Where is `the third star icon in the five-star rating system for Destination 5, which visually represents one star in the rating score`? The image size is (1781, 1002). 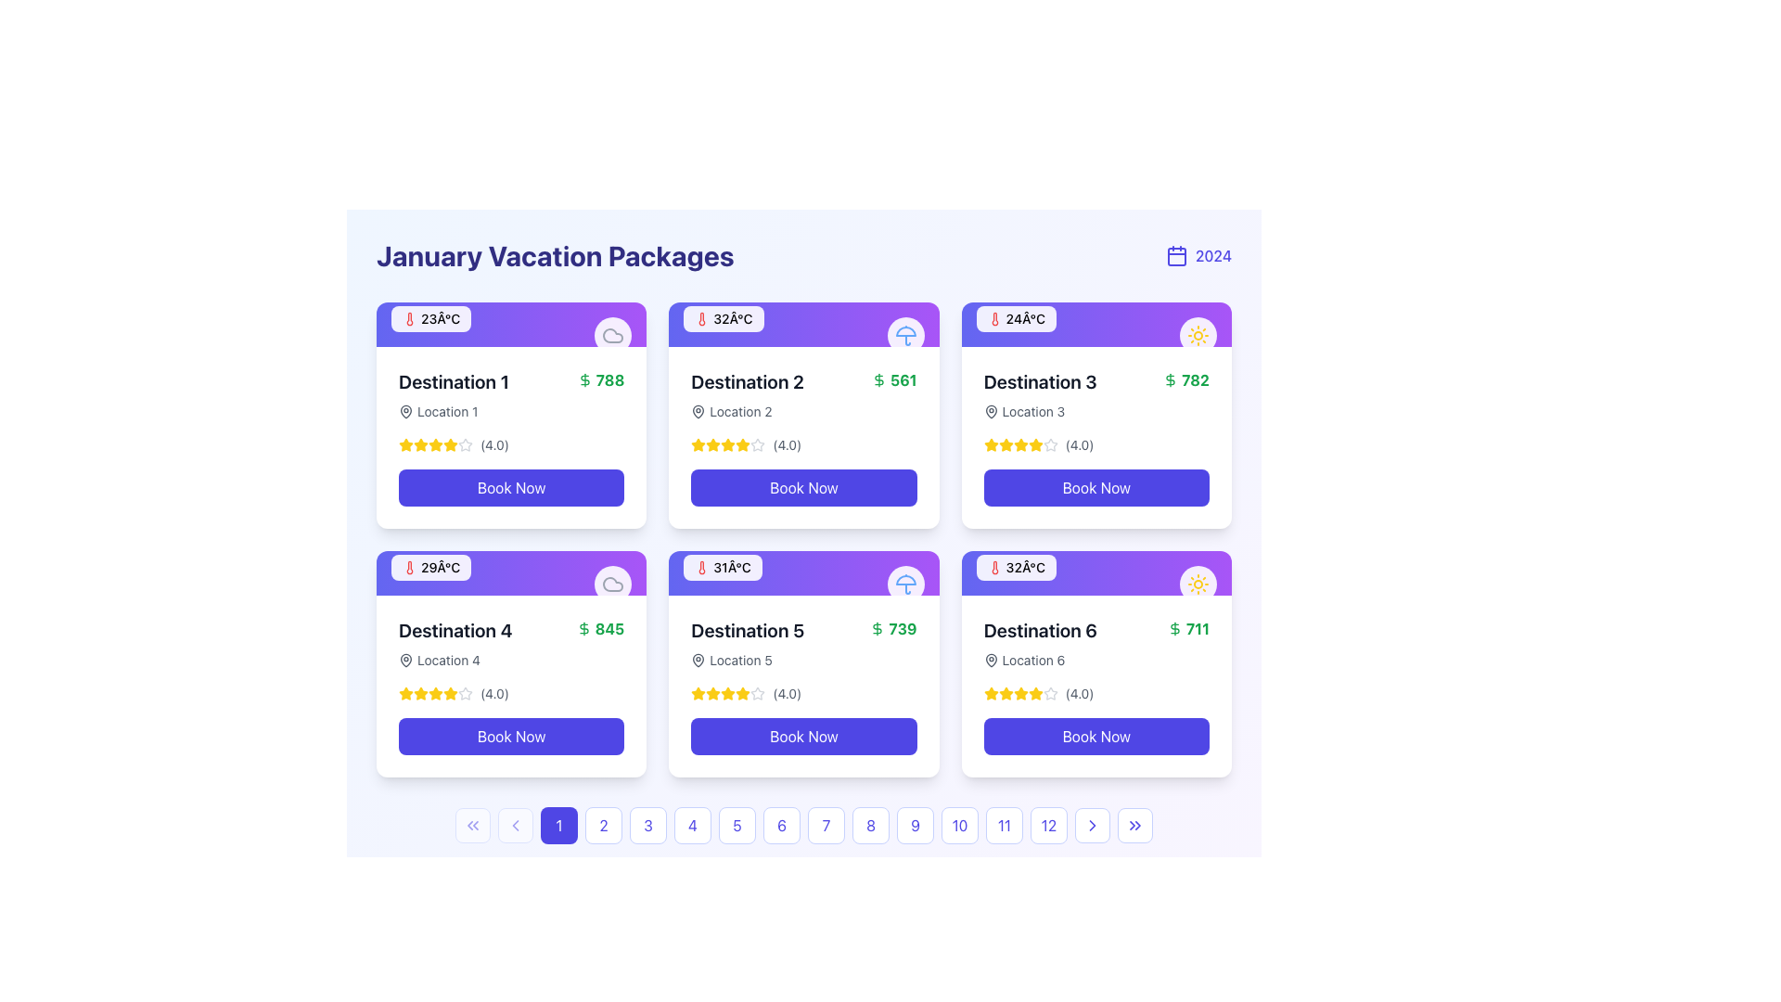 the third star icon in the five-star rating system for Destination 5, which visually represents one star in the rating score is located at coordinates (743, 693).